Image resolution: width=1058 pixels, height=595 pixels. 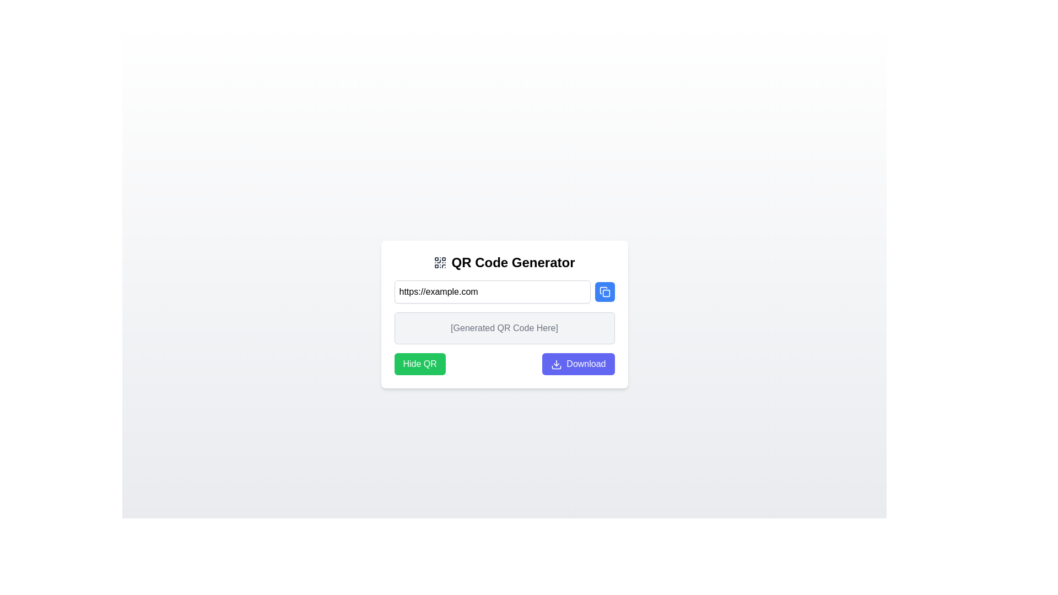 I want to click on the rectangular button with a purple background labeled 'Download', so click(x=577, y=364).